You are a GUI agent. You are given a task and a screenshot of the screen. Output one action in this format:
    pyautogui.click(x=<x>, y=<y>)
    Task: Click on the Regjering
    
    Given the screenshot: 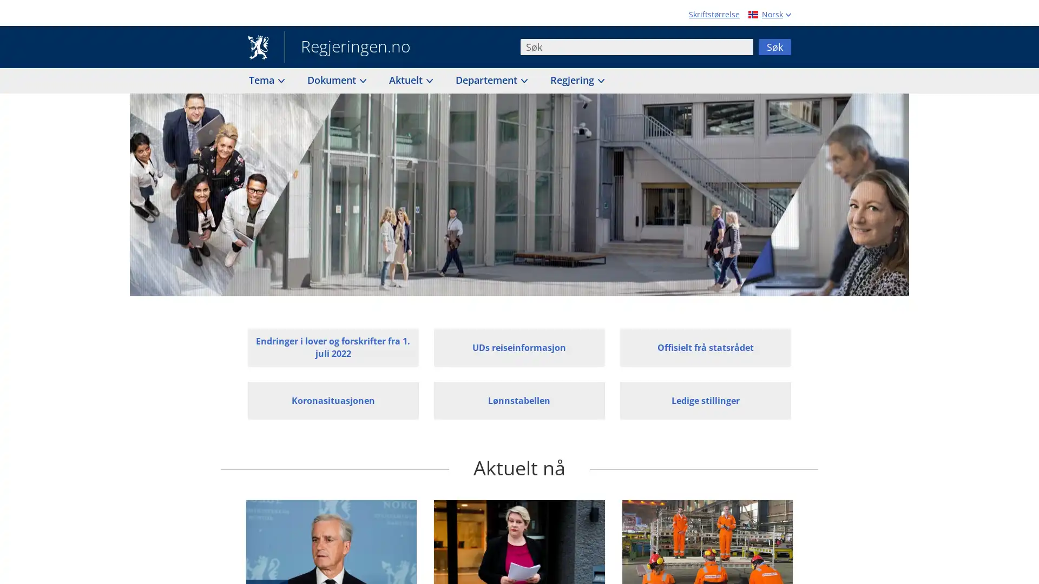 What is the action you would take?
    pyautogui.click(x=576, y=79)
    